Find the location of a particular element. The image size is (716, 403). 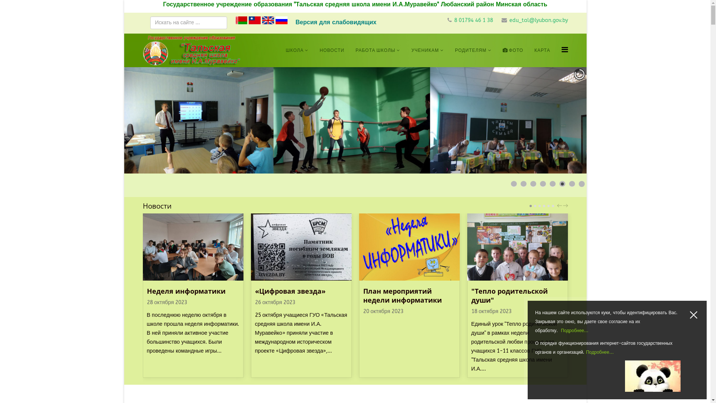

'Helix Megamenu Options' is located at coordinates (565, 49).